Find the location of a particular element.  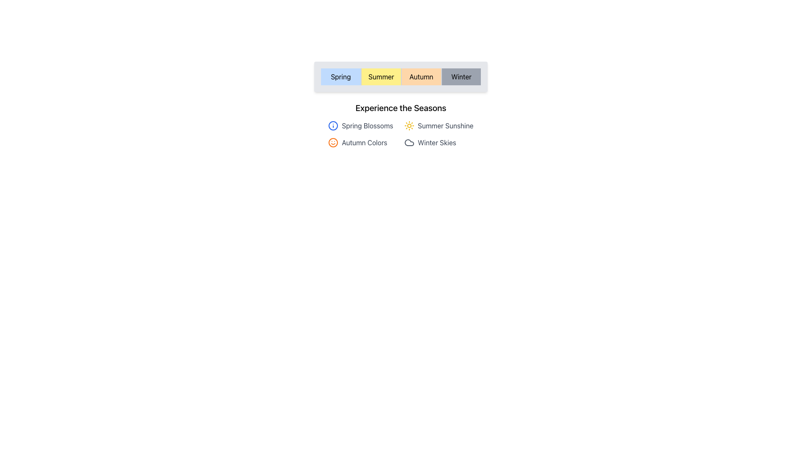

the icons in the 'Experience the Seasons' informational element is located at coordinates (401, 125).